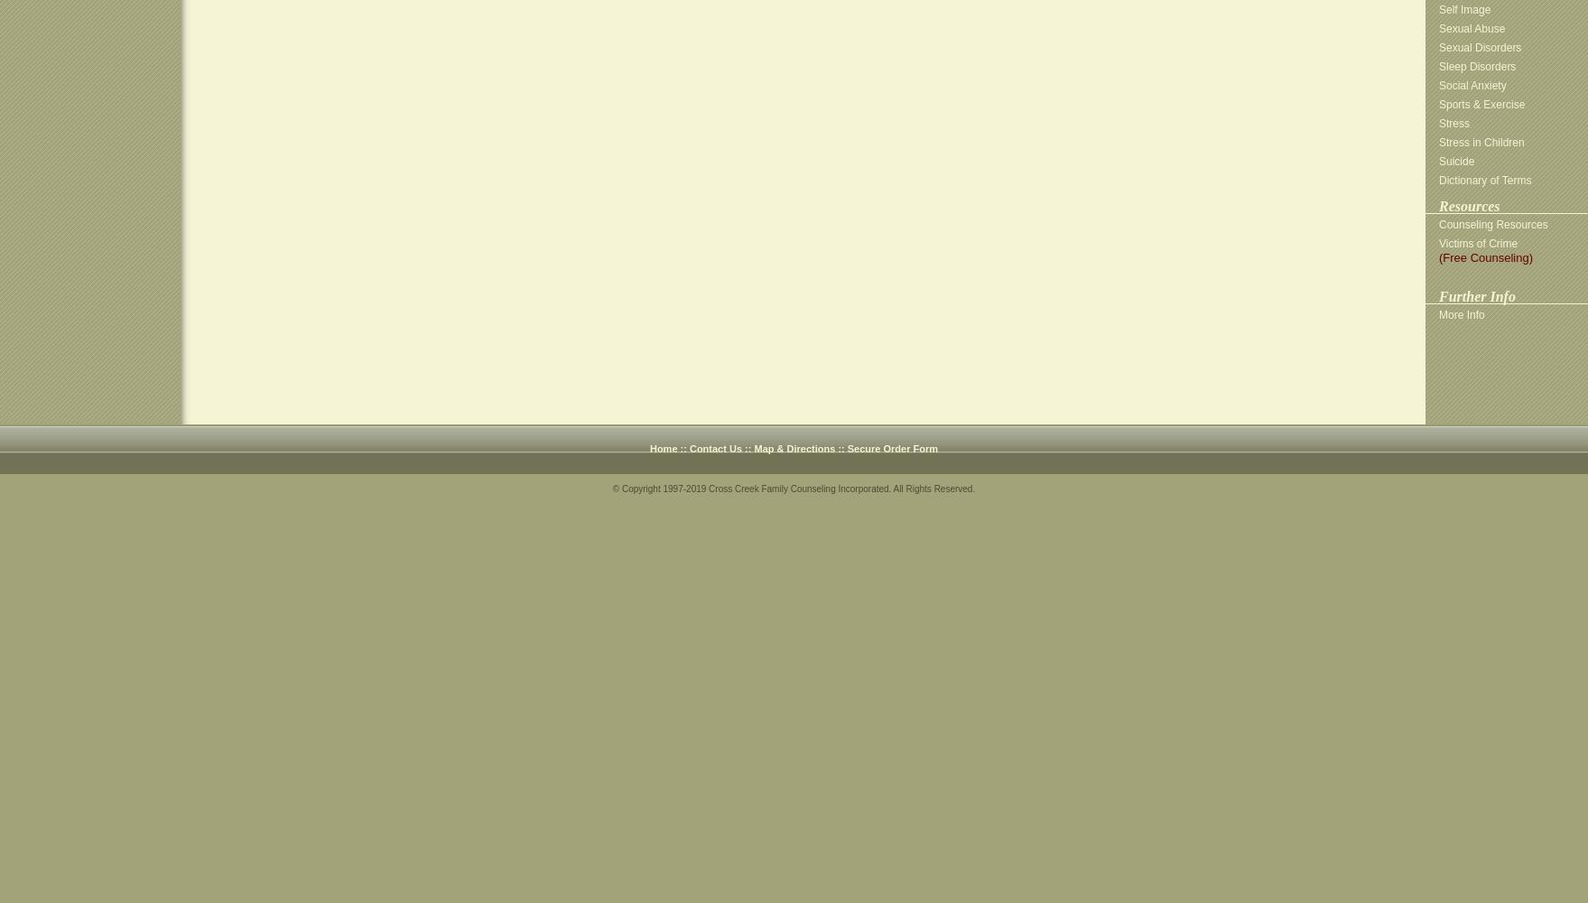 The height and width of the screenshot is (903, 1588). Describe the element at coordinates (1476, 295) in the screenshot. I see `'Further Info'` at that location.